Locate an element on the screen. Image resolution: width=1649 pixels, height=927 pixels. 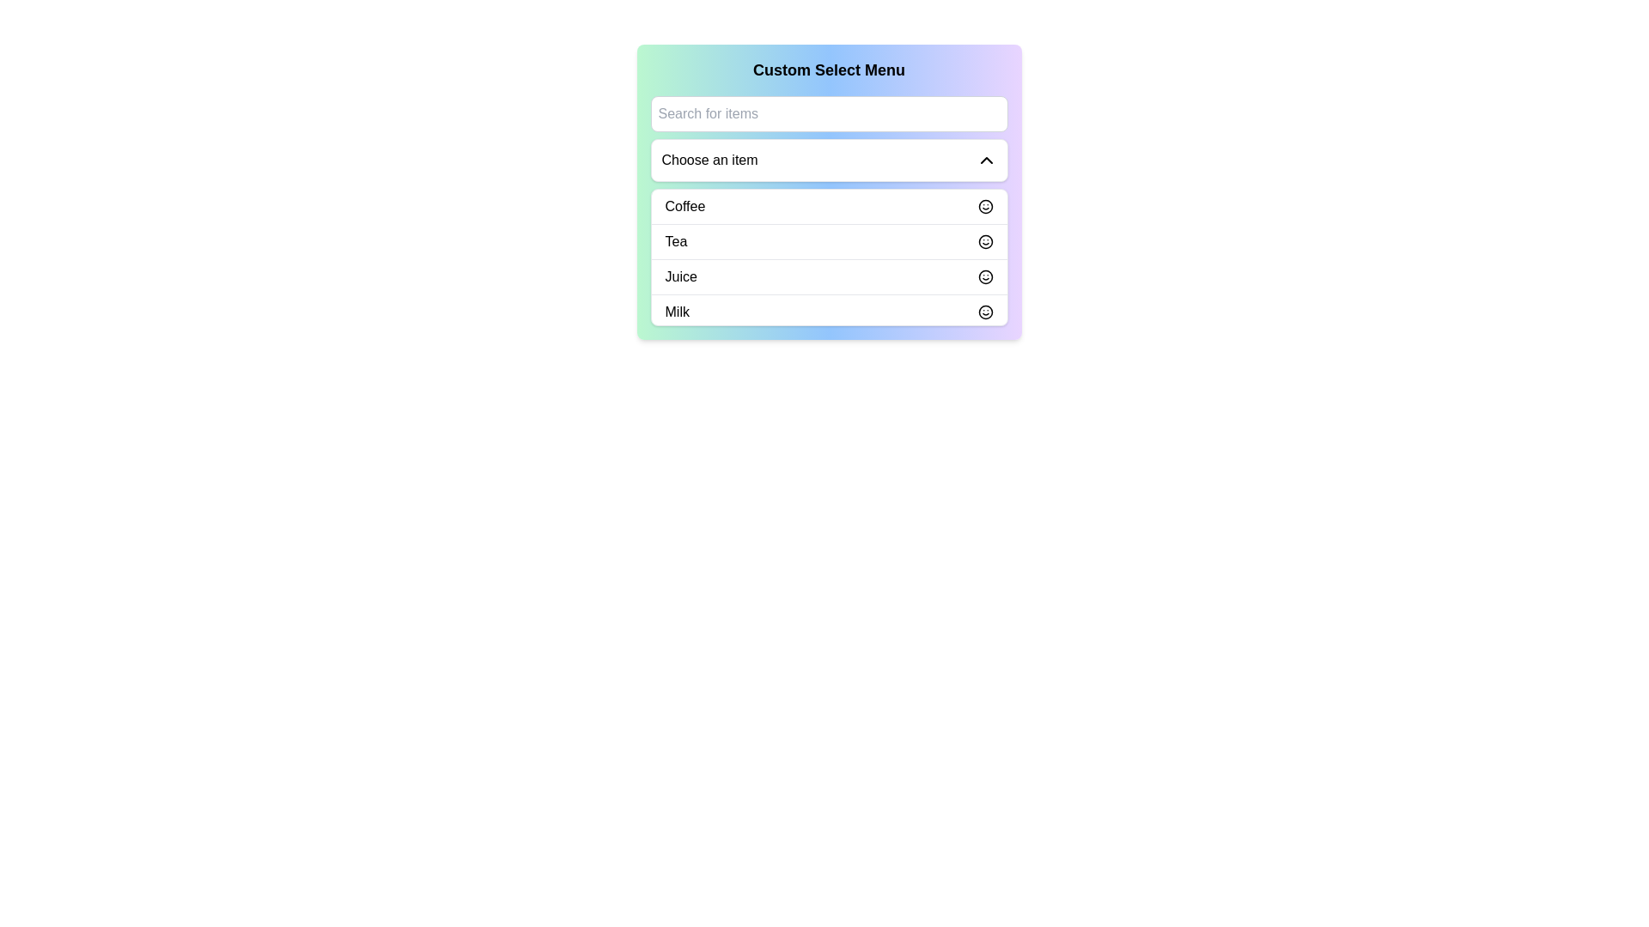
the circular smiley face icon located at the end of the 'Tea' row in the menu as a visual cue is located at coordinates (985, 241).